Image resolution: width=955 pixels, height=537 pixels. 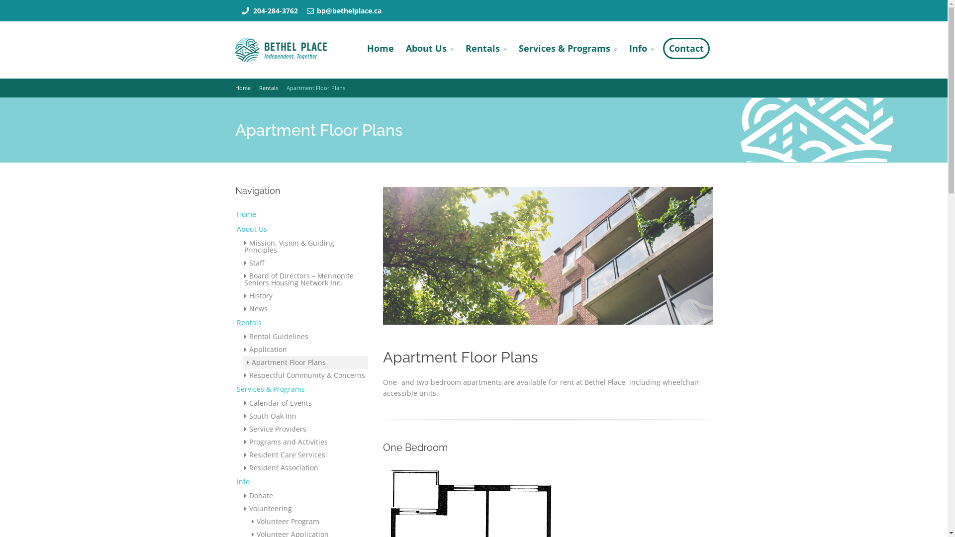 I want to click on 'Info', so click(x=641, y=48).